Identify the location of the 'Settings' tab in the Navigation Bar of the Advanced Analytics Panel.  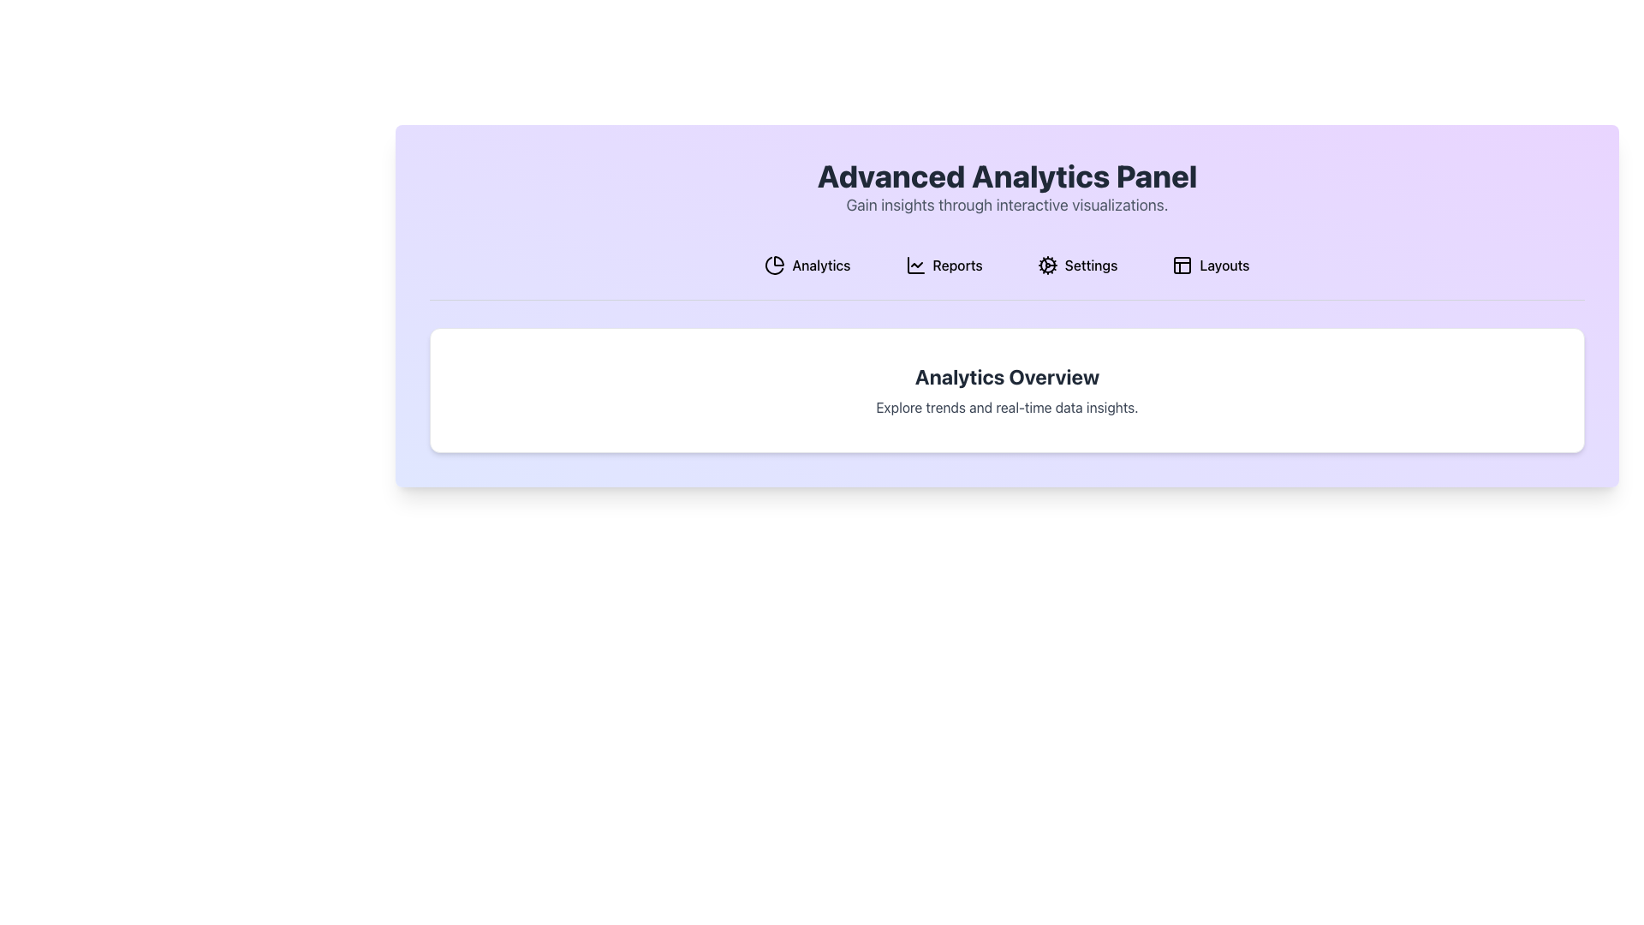
(1007, 272).